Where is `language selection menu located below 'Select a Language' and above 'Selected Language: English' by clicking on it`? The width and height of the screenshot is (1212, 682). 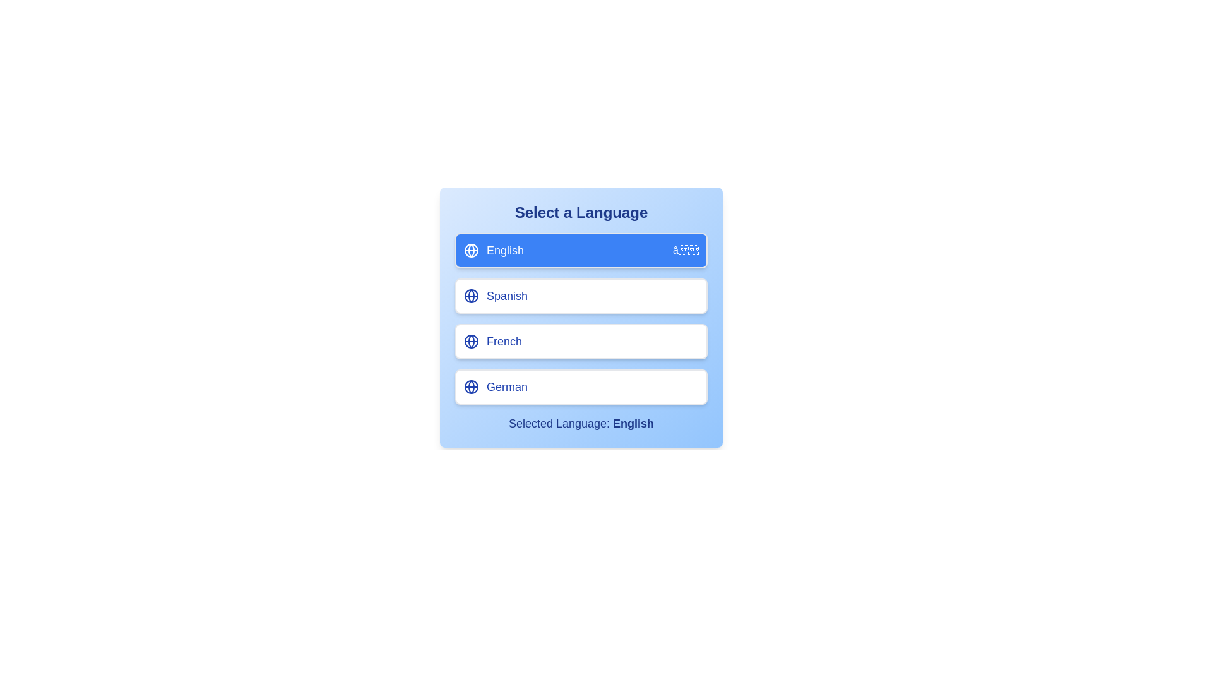
language selection menu located below 'Select a Language' and above 'Selected Language: English' by clicking on it is located at coordinates (581, 318).